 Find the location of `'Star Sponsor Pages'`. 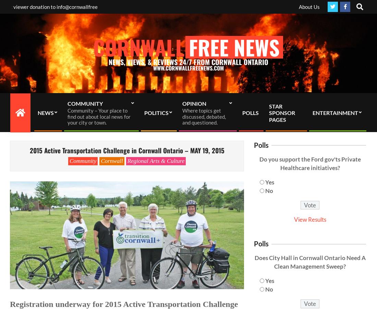

'Star Sponsor Pages' is located at coordinates (282, 112).